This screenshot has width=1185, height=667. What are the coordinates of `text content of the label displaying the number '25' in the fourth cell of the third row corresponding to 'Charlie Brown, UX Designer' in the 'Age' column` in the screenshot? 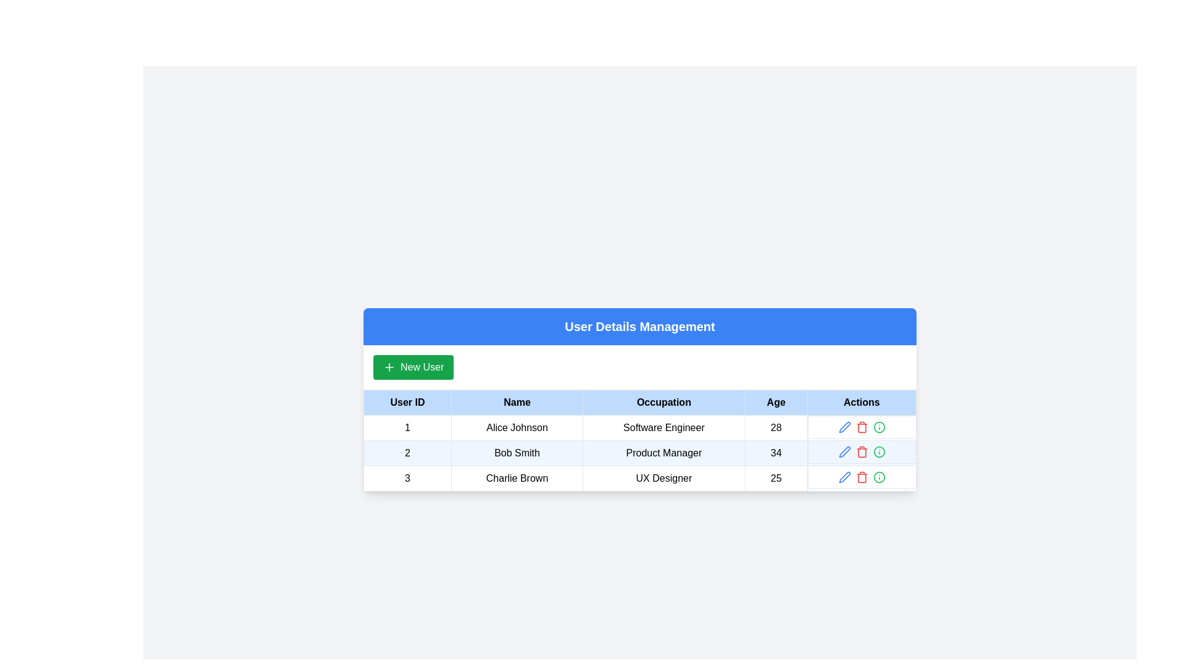 It's located at (775, 477).